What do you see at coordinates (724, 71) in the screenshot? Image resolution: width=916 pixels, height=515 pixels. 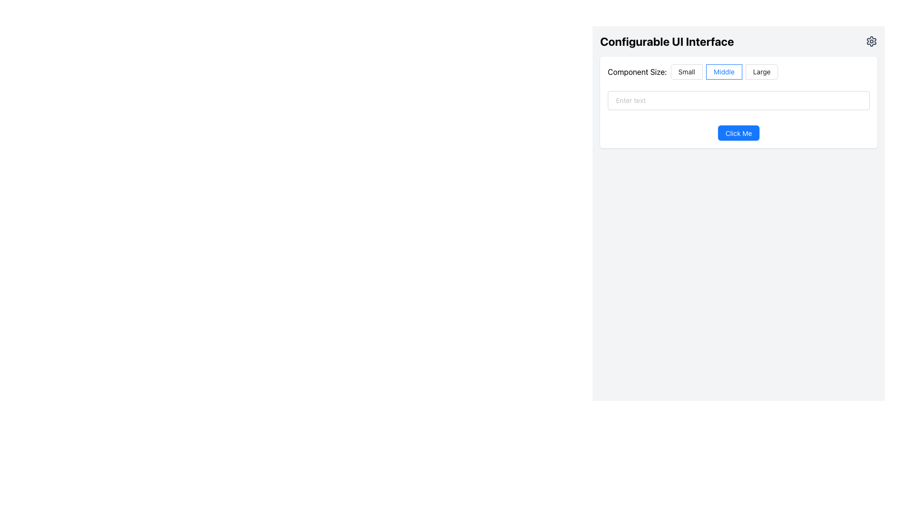 I see `the 'Middle' option of the Radio Button Group labeled 'Small', 'Middle', and 'Large'` at bounding box center [724, 71].